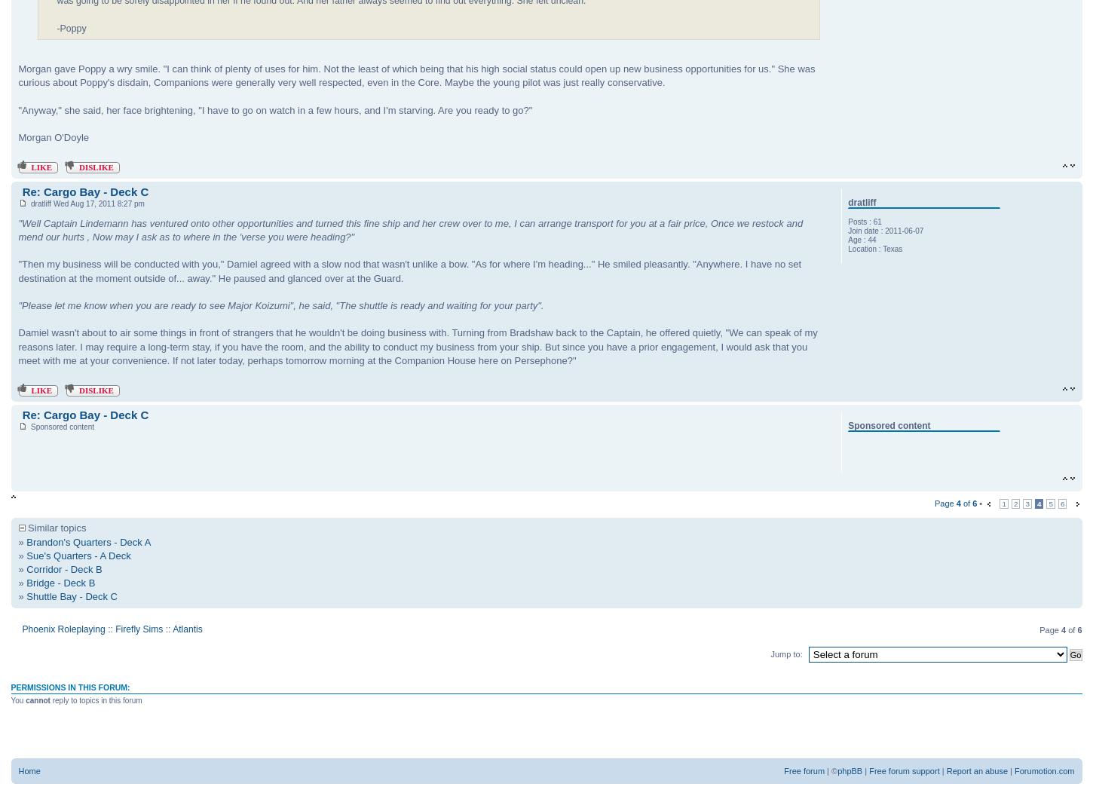  I want to click on '2011-06-07', so click(903, 231).